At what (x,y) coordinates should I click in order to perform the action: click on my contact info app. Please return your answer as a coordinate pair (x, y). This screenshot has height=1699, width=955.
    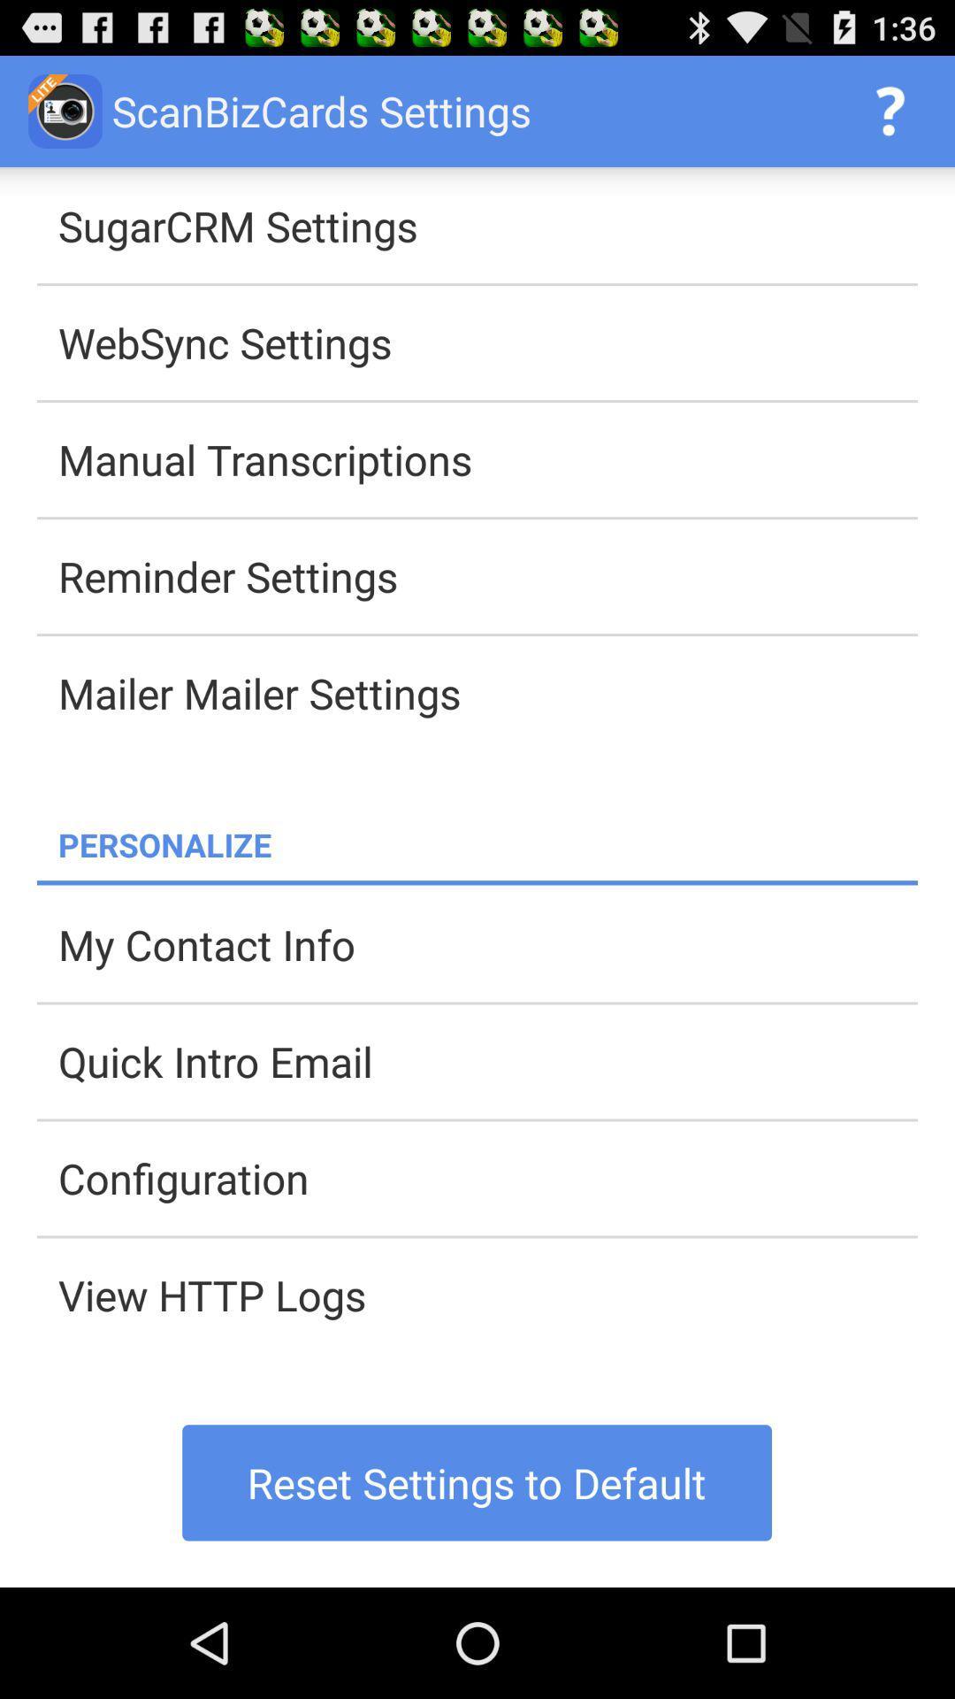
    Looking at the image, I should click on (487, 943).